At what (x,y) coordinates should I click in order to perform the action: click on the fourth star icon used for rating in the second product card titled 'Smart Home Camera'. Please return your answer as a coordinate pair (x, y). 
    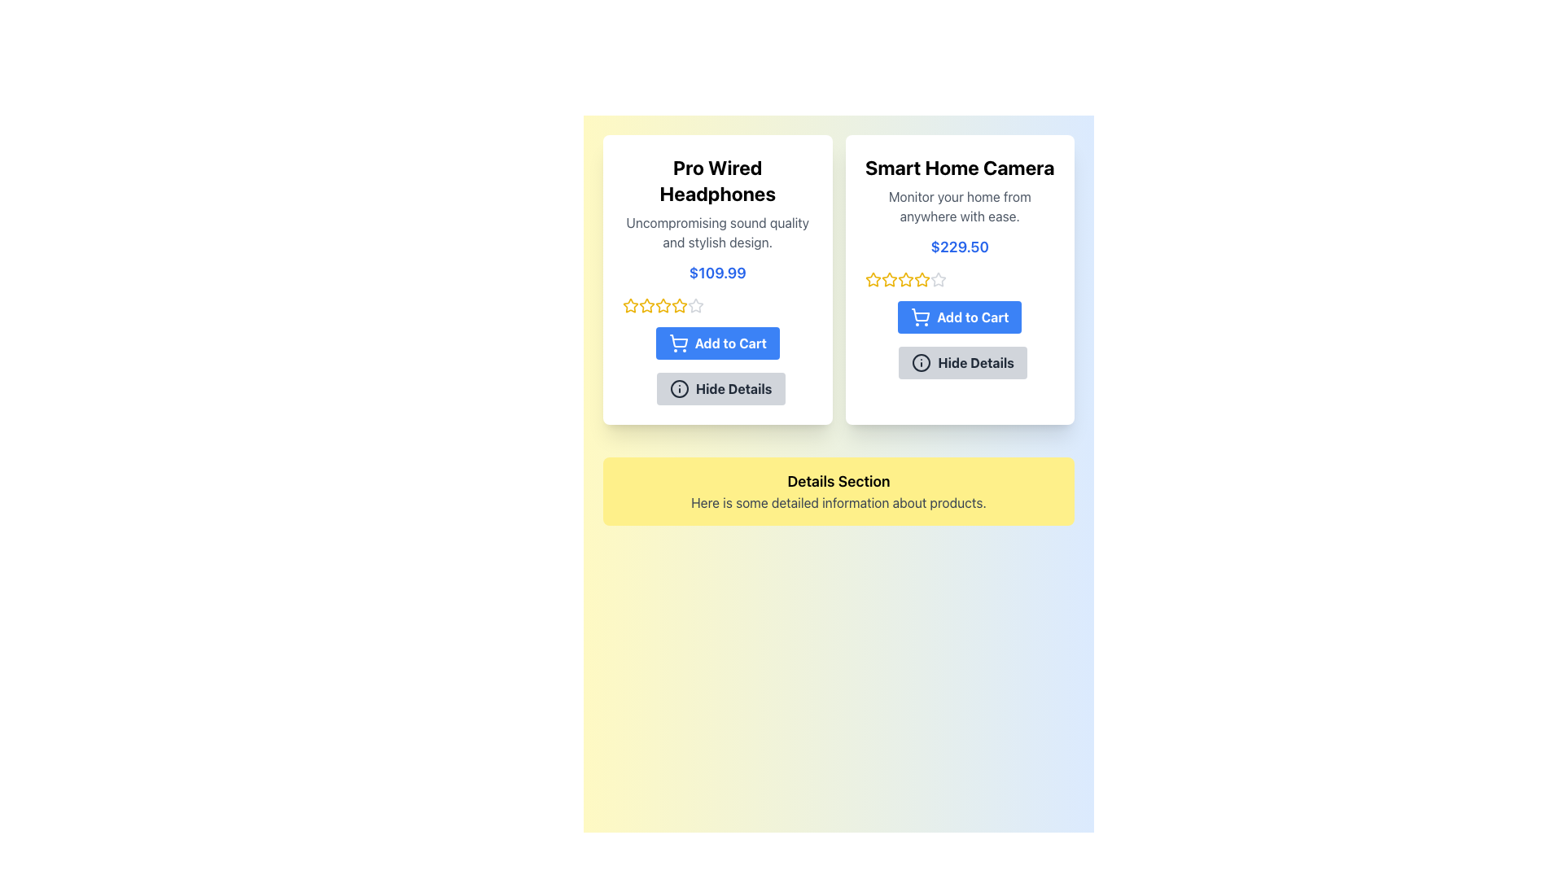
    Looking at the image, I should click on (904, 278).